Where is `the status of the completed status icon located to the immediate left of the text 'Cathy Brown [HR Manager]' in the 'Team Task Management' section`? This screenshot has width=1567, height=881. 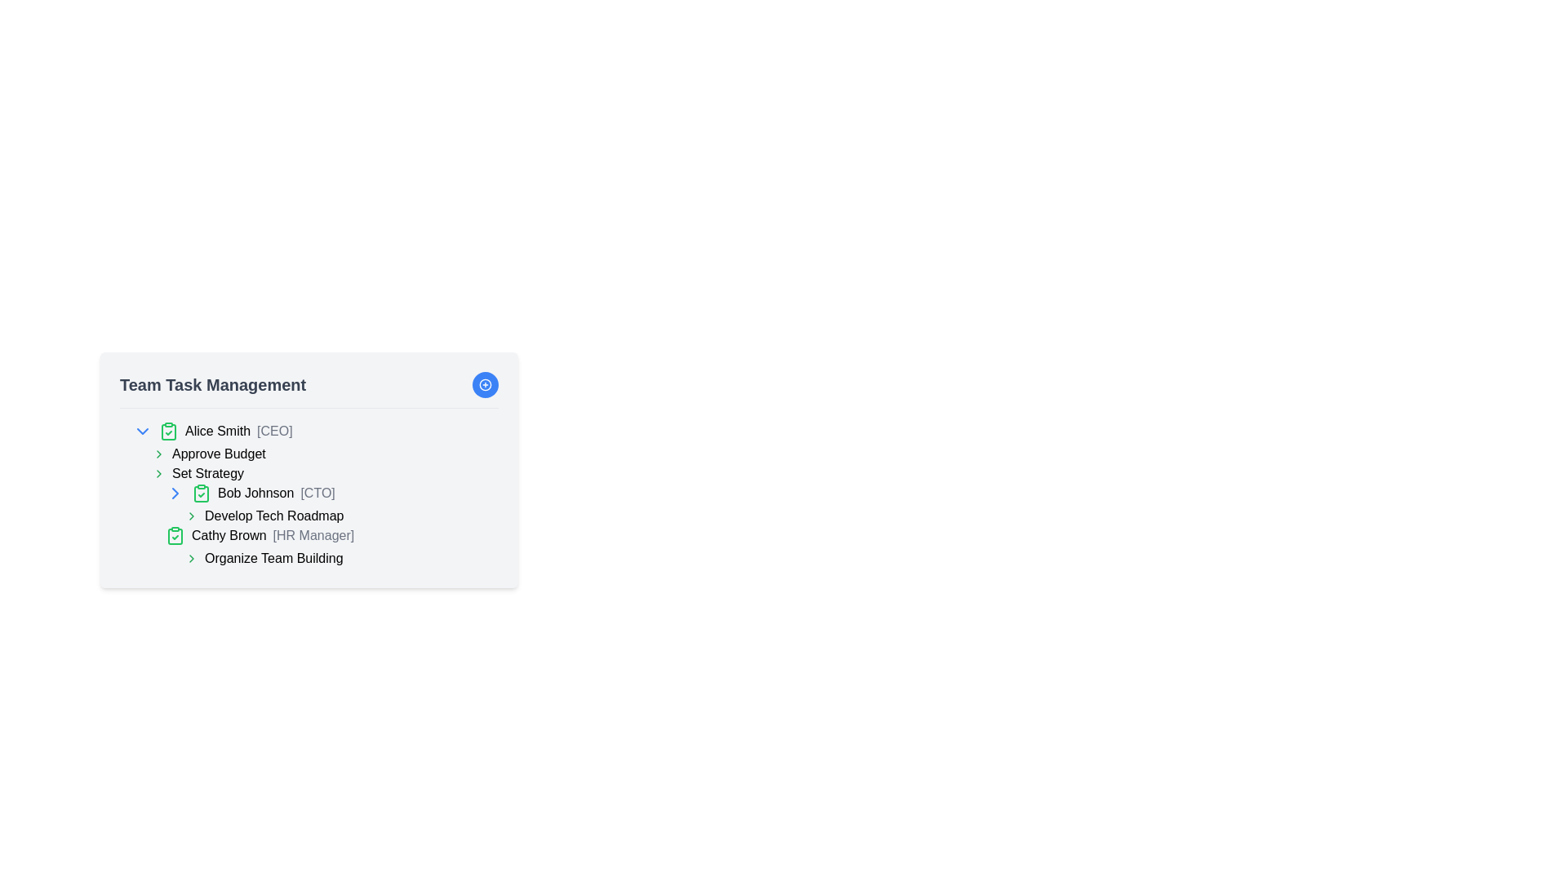 the status of the completed status icon located to the immediate left of the text 'Cathy Brown [HR Manager]' in the 'Team Task Management' section is located at coordinates (175, 535).